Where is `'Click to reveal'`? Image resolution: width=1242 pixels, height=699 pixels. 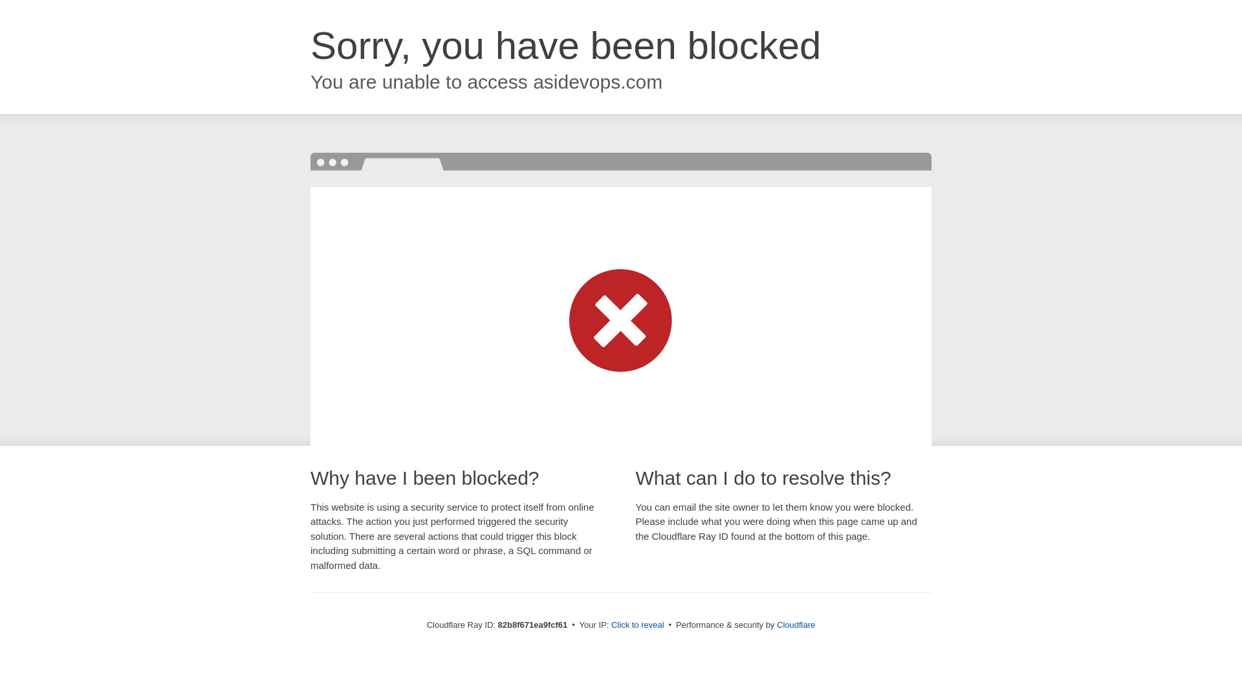 'Click to reveal' is located at coordinates (637, 624).